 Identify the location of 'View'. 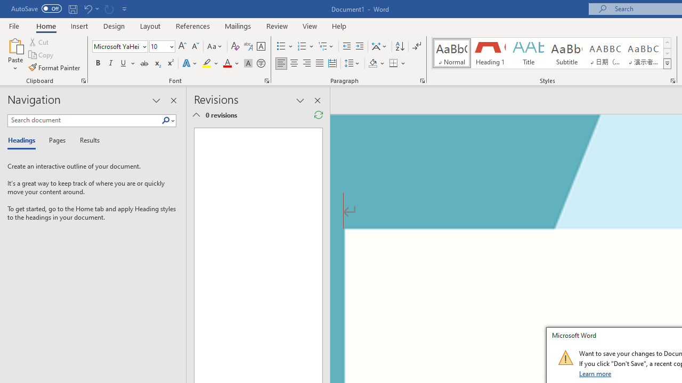
(310, 26).